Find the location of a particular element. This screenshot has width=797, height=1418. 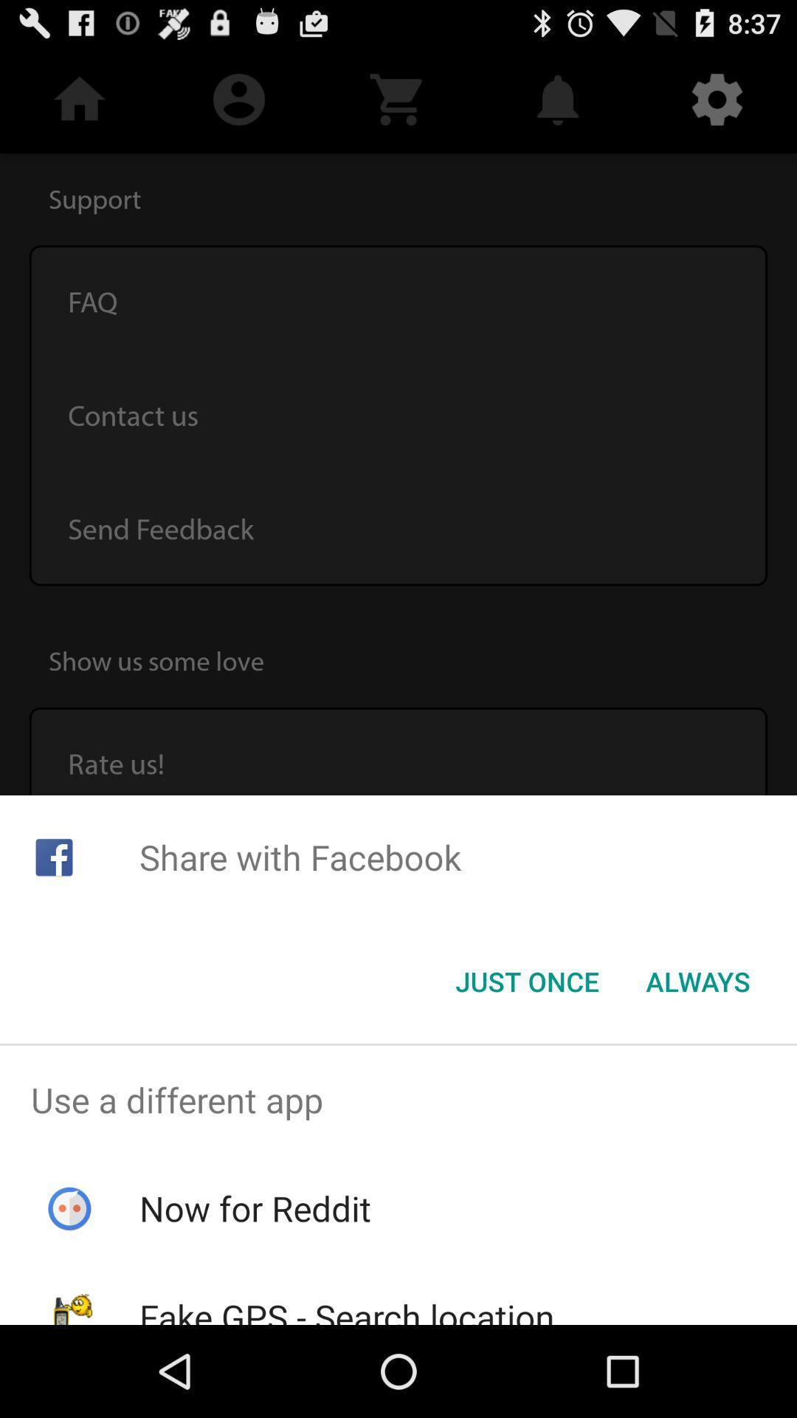

the app below use a different item is located at coordinates (255, 1208).